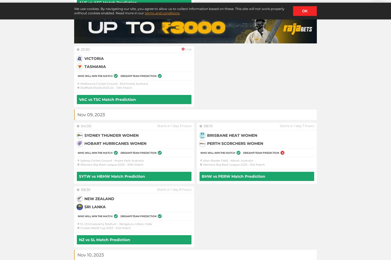 This screenshot has height=260, width=391. What do you see at coordinates (108, 2) in the screenshot?
I see `'AUS vs AFG Match Prediction'` at bounding box center [108, 2].